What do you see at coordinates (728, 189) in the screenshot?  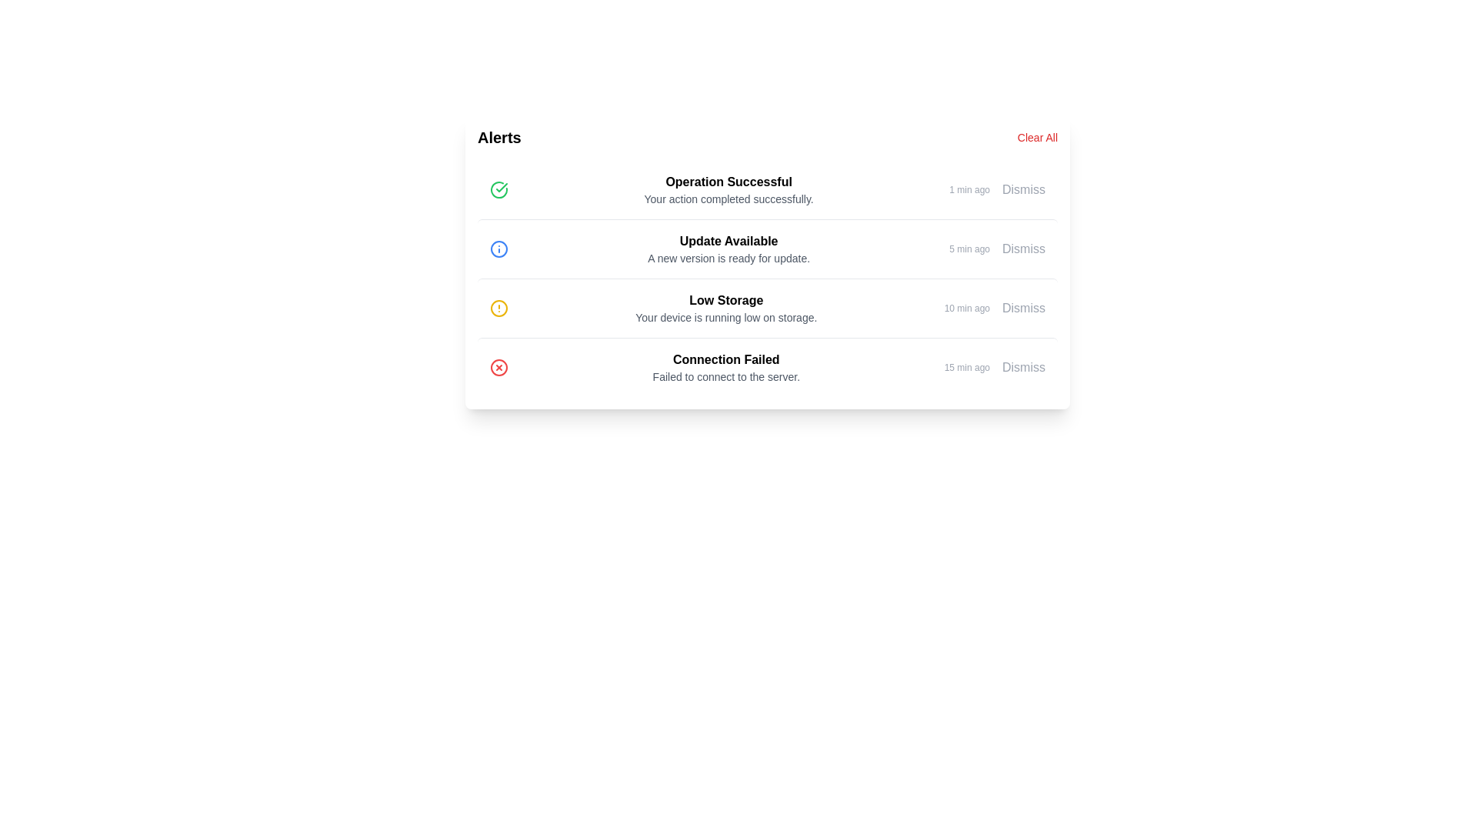 I see `informational text block within the first notification card located in the topmost row of notifications, which conveys a successful operation message to the user` at bounding box center [728, 189].